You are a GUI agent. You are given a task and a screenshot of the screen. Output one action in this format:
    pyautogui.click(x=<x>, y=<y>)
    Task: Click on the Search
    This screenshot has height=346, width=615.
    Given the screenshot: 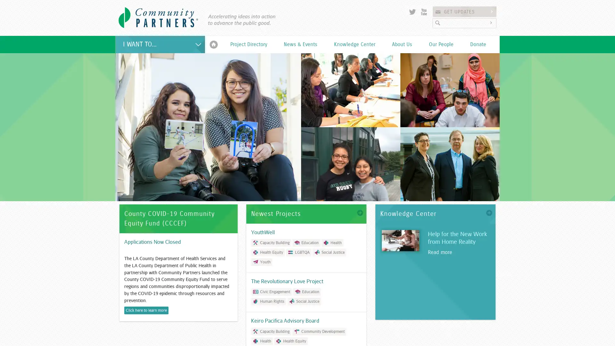 What is the action you would take?
    pyautogui.click(x=492, y=22)
    